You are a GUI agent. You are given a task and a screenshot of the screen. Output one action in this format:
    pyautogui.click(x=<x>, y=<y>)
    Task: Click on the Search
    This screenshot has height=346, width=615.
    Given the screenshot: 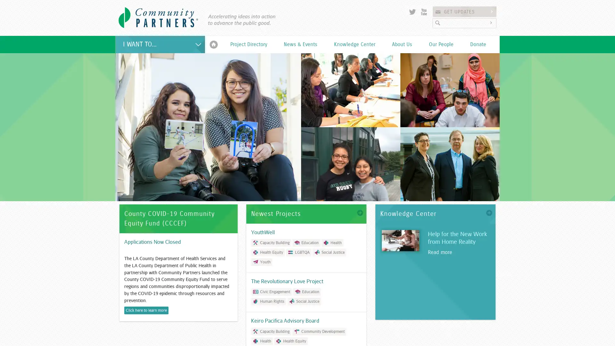 What is the action you would take?
    pyautogui.click(x=492, y=22)
    